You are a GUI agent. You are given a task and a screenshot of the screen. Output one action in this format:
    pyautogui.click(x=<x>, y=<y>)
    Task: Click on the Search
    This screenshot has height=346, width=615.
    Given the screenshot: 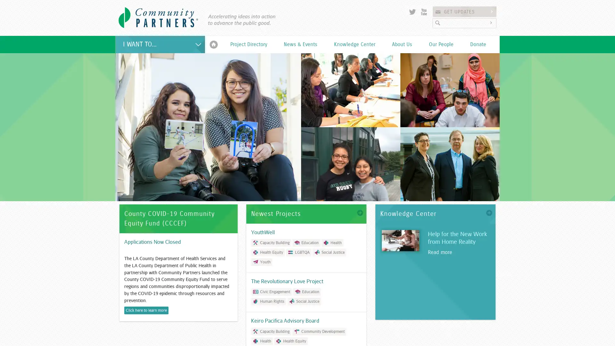 What is the action you would take?
    pyautogui.click(x=492, y=22)
    